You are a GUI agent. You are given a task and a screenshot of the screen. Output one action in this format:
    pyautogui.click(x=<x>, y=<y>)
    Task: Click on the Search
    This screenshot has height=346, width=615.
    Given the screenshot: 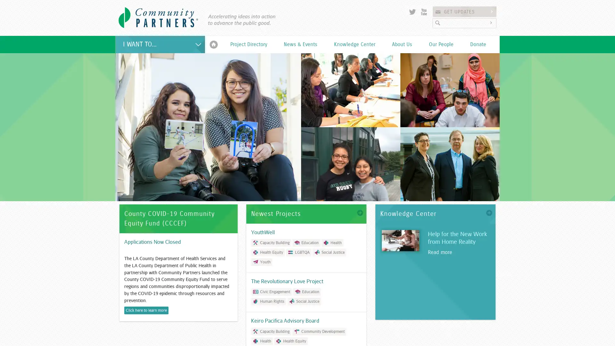 What is the action you would take?
    pyautogui.click(x=492, y=22)
    